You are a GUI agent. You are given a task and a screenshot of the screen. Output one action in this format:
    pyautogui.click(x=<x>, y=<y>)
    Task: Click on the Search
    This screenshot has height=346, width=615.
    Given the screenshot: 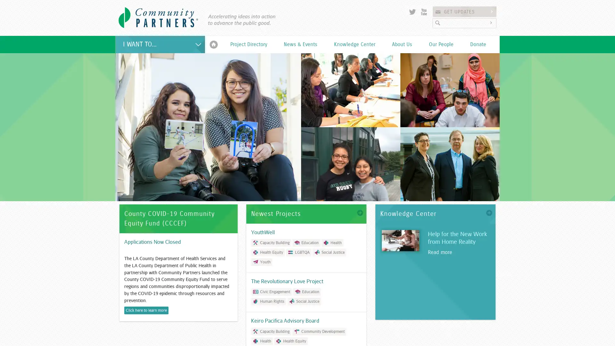 What is the action you would take?
    pyautogui.click(x=492, y=22)
    